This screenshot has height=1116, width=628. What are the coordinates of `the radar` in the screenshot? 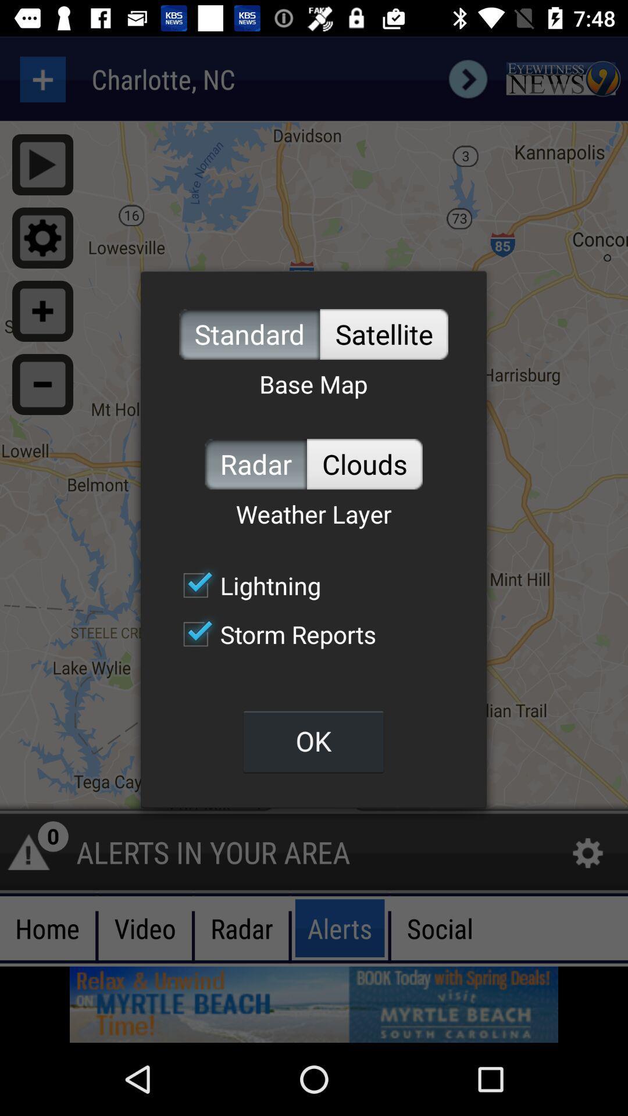 It's located at (255, 463).